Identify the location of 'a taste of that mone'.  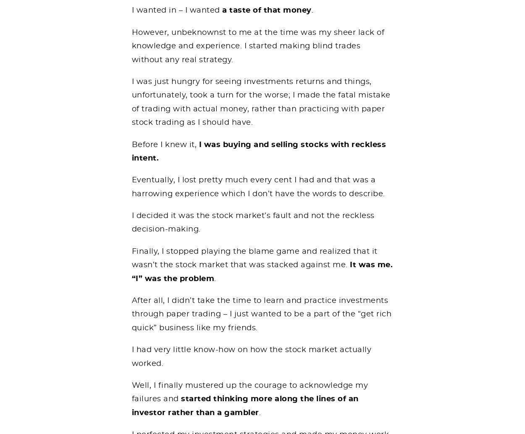
(264, 10).